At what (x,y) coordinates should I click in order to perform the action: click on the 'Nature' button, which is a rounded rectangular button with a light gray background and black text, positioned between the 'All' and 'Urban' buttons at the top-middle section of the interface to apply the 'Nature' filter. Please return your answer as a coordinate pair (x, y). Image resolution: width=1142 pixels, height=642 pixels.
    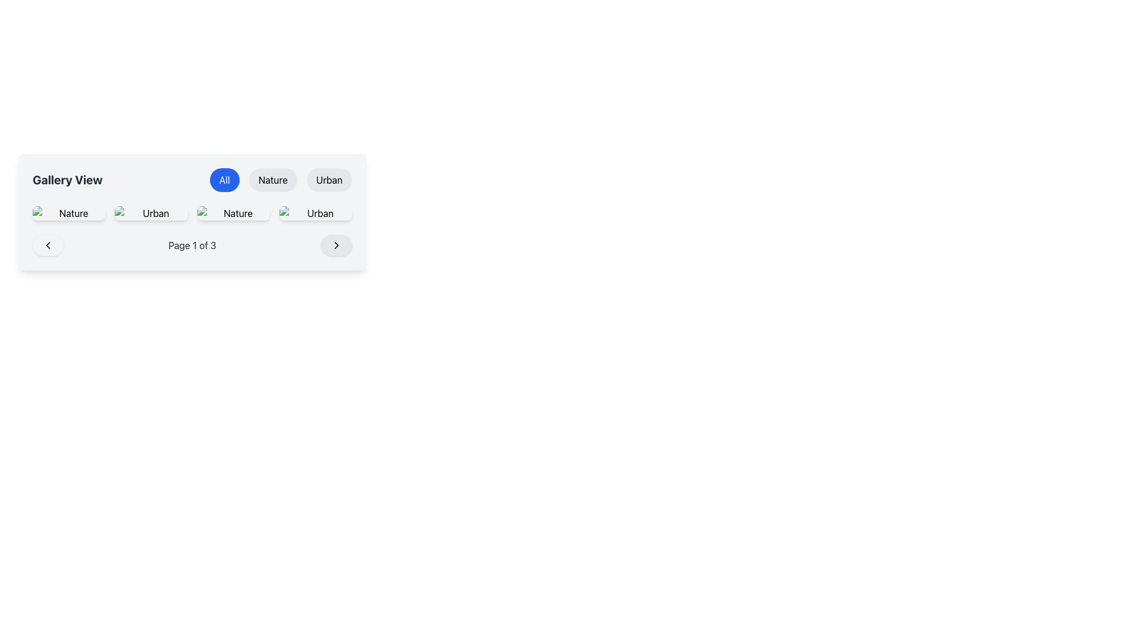
    Looking at the image, I should click on (272, 180).